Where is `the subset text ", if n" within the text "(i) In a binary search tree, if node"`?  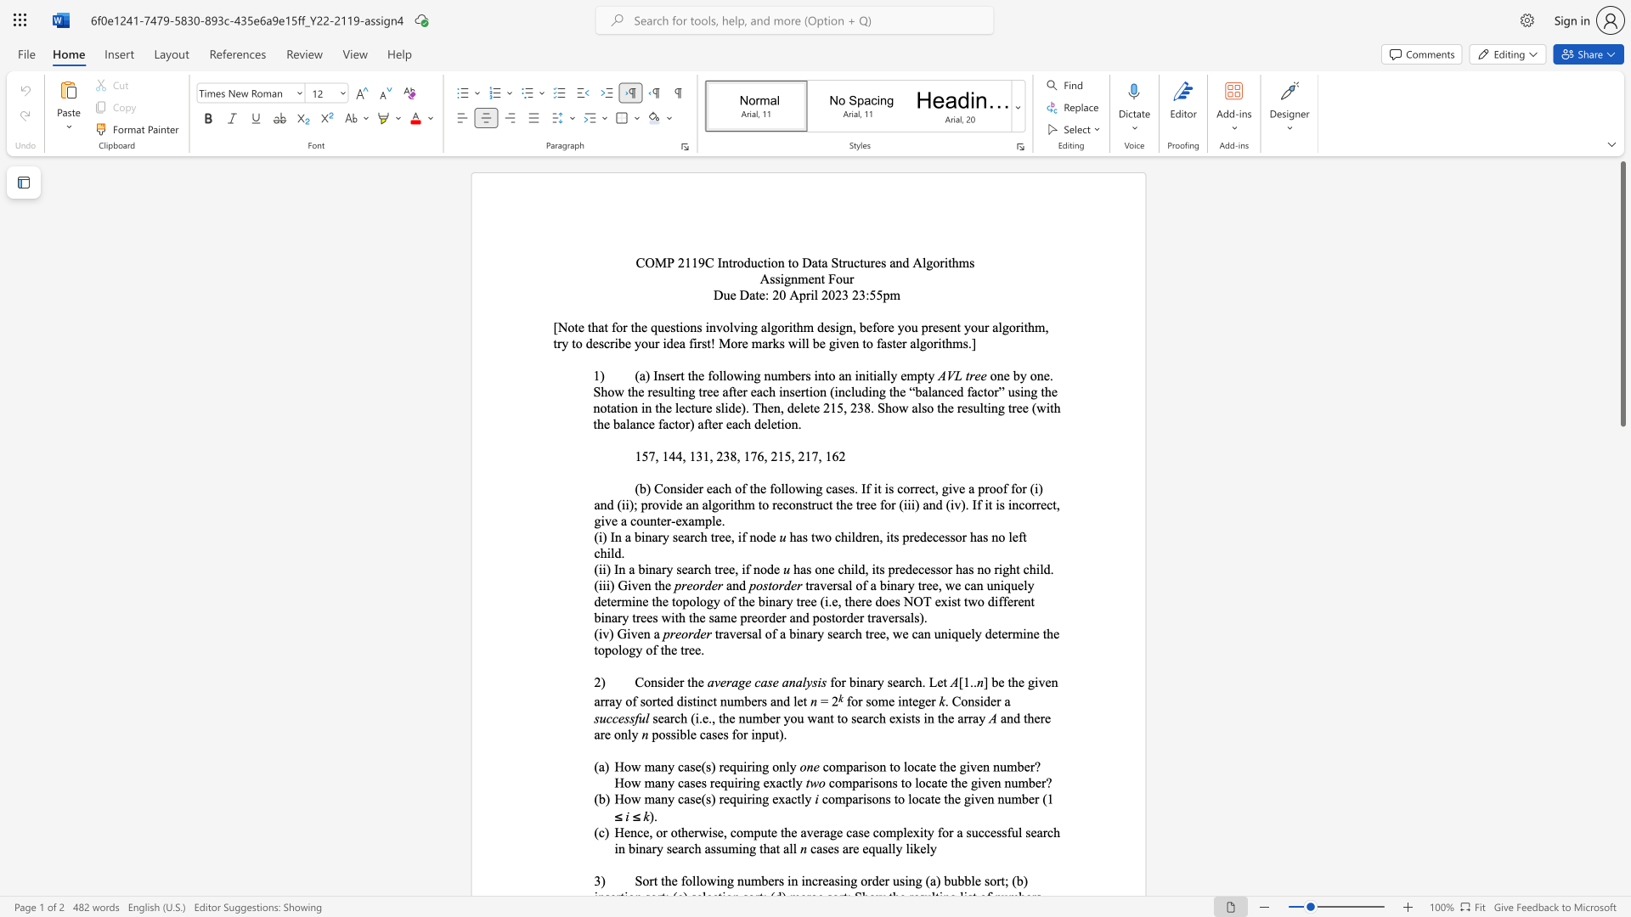
the subset text ", if n" within the text "(i) In a binary search tree, if node" is located at coordinates (731, 537).